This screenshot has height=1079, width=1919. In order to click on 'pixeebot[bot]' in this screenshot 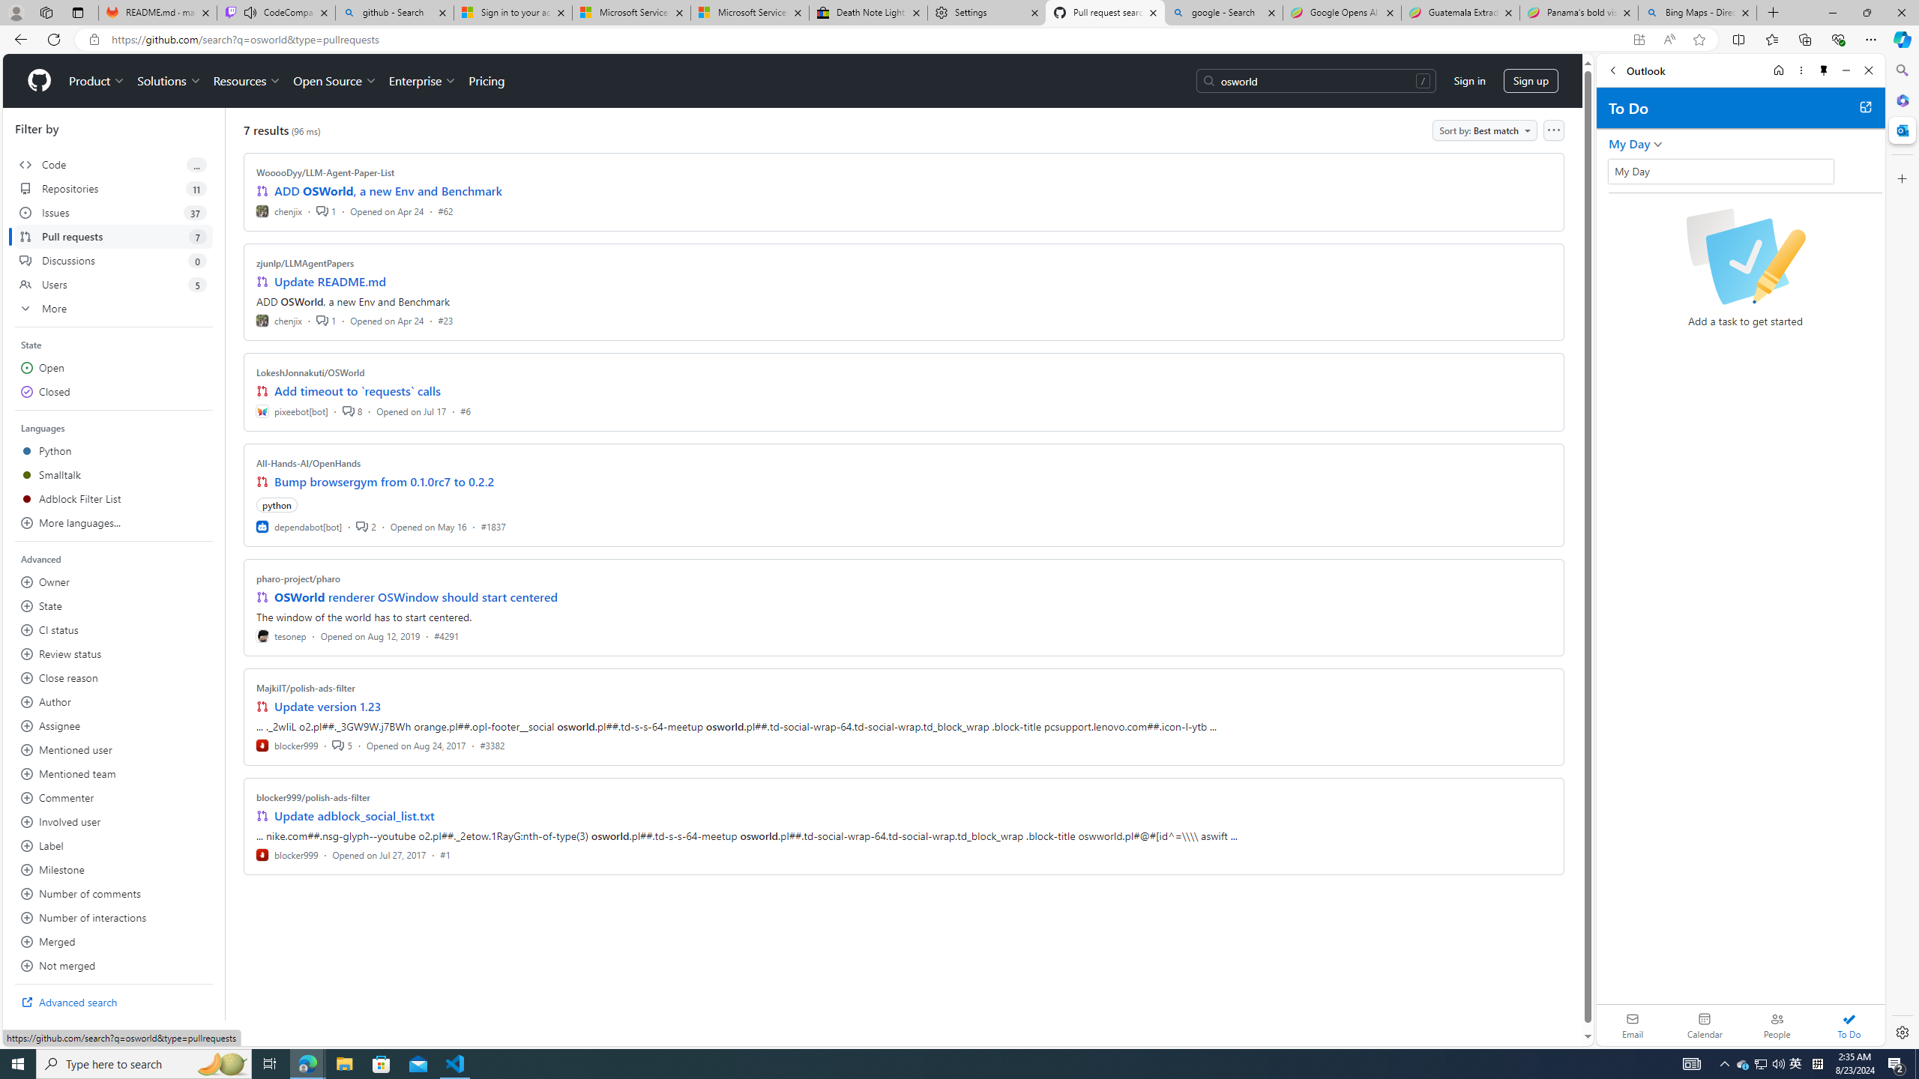, I will do `click(292, 410)`.